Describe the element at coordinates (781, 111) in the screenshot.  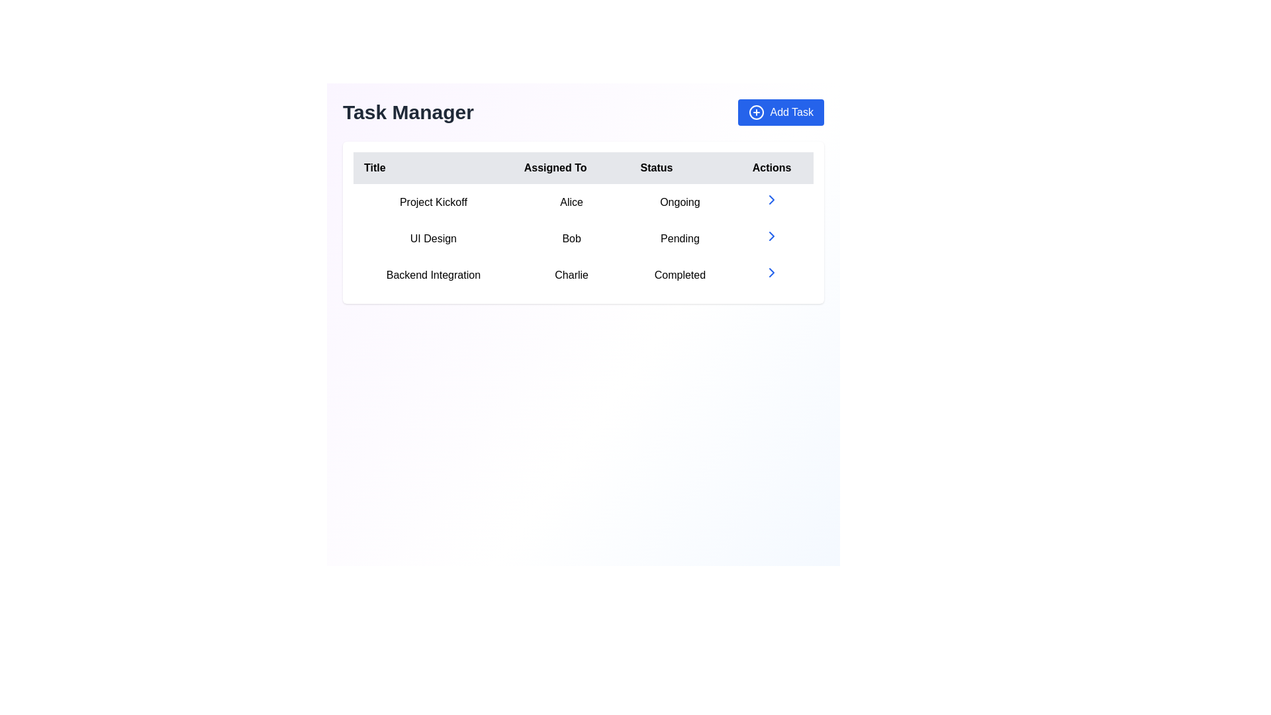
I see `the 'Add Task' button, which is a blue rectangular button with white text and a plus sign icon, located at the top-right corner of the 'Task Manager' header` at that location.